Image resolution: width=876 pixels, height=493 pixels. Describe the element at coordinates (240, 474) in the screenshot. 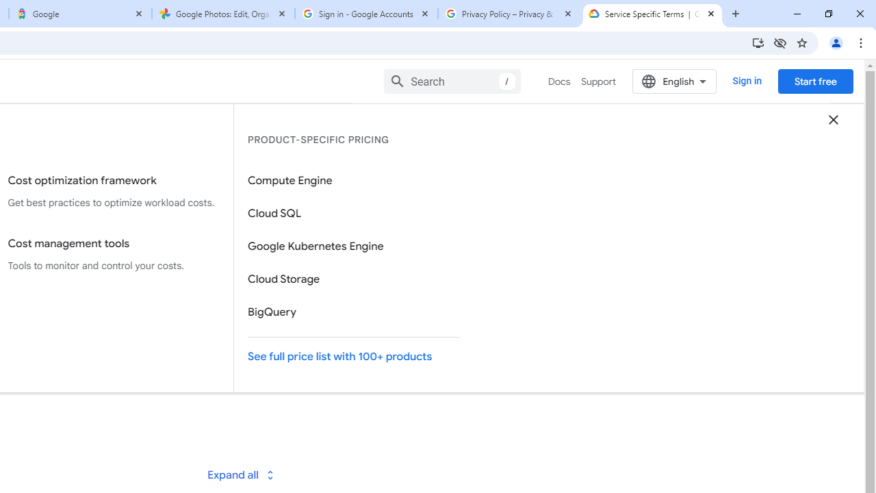

I see `'Toggle all'` at that location.